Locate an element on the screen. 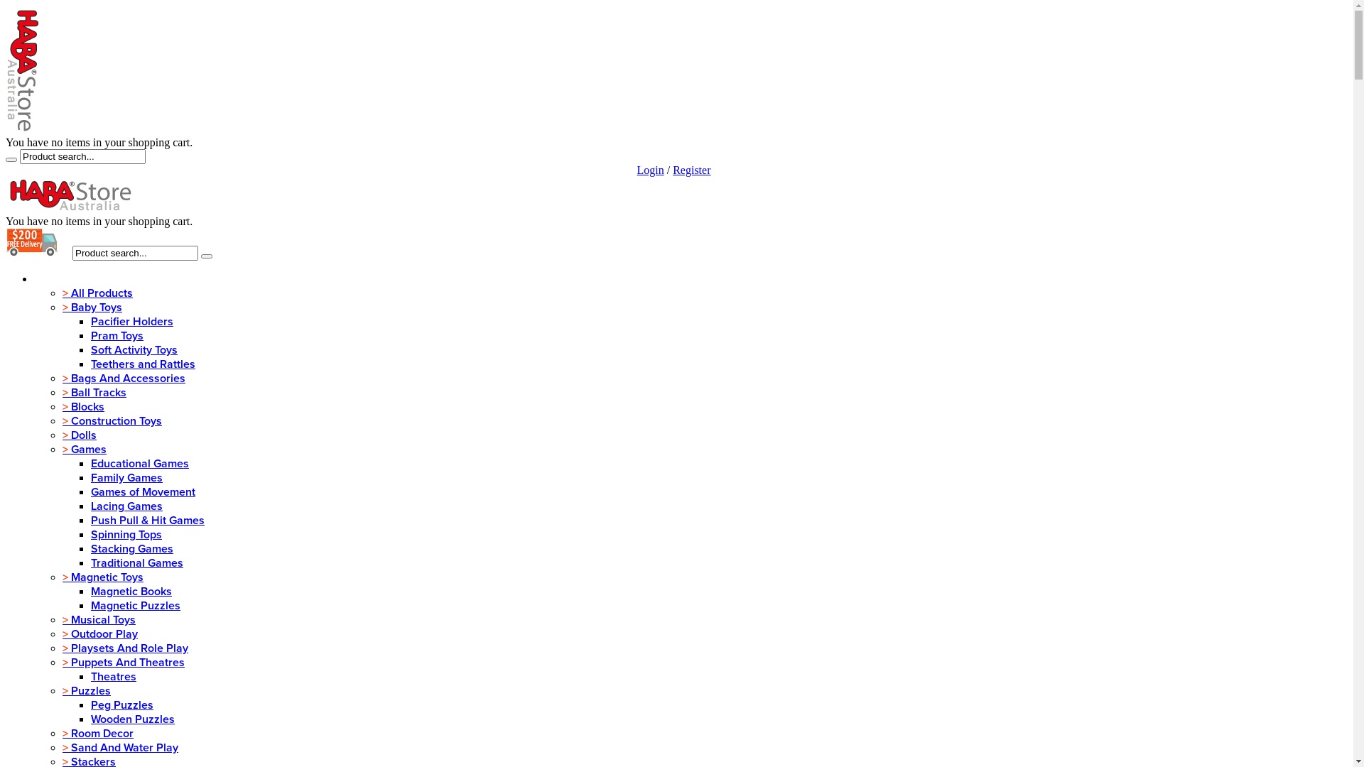 This screenshot has height=767, width=1364. 'Traditional Games' is located at coordinates (90, 562).